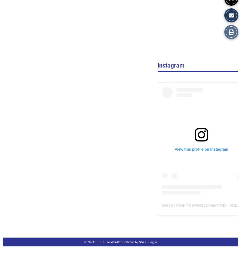  What do you see at coordinates (97, 242) in the screenshot?
I see `'FLEX Pro WordPress Theme'` at bounding box center [97, 242].